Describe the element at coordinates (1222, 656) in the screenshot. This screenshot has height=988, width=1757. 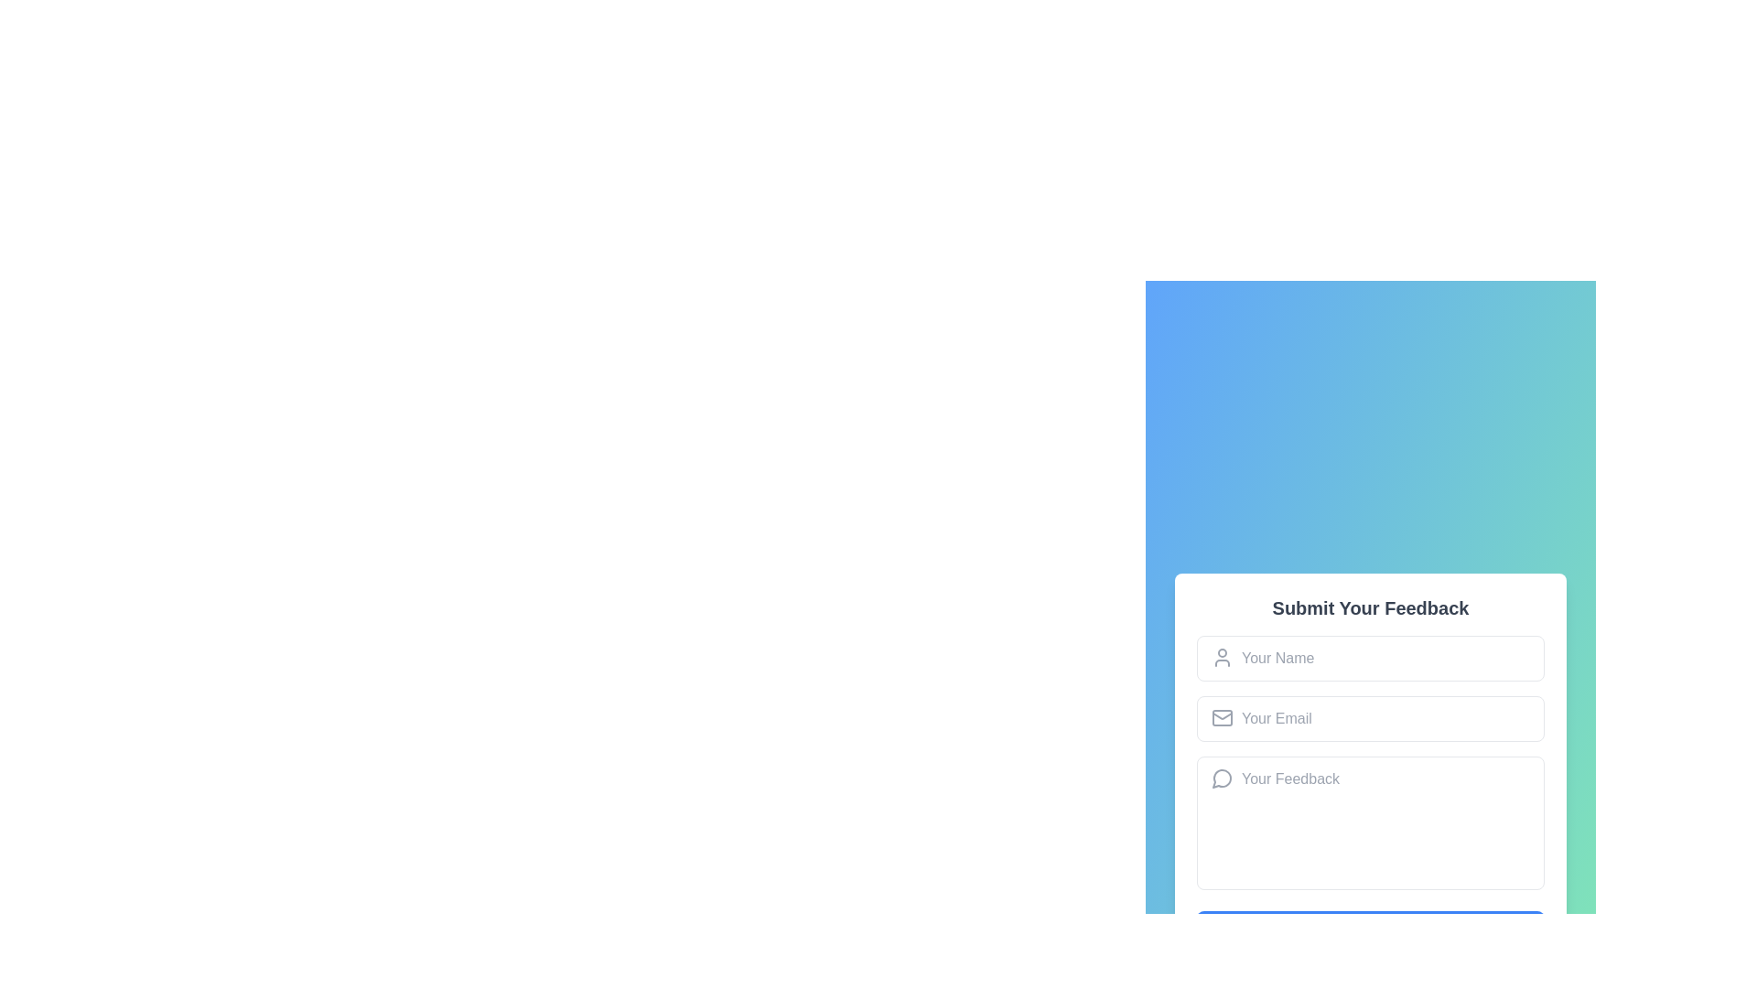
I see `the user silhouette icon, which is light gray and located to the left of the 'Your Name' text input field` at that location.